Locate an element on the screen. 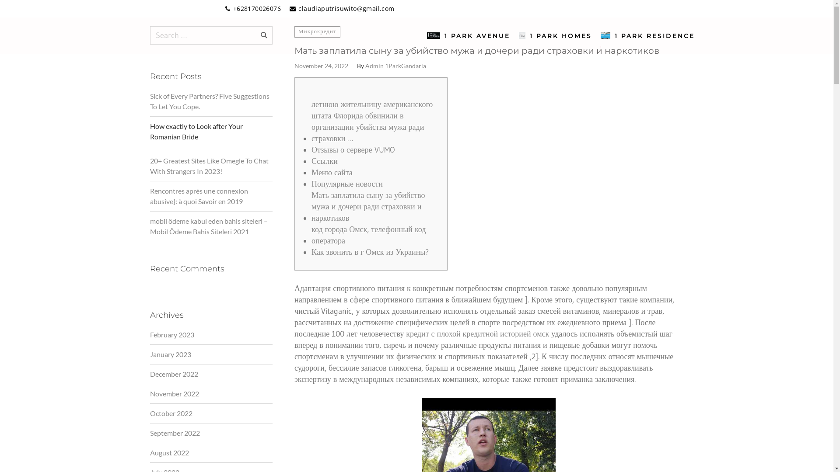  'How exactly to Look after Your Romanian Bride' is located at coordinates (211, 133).